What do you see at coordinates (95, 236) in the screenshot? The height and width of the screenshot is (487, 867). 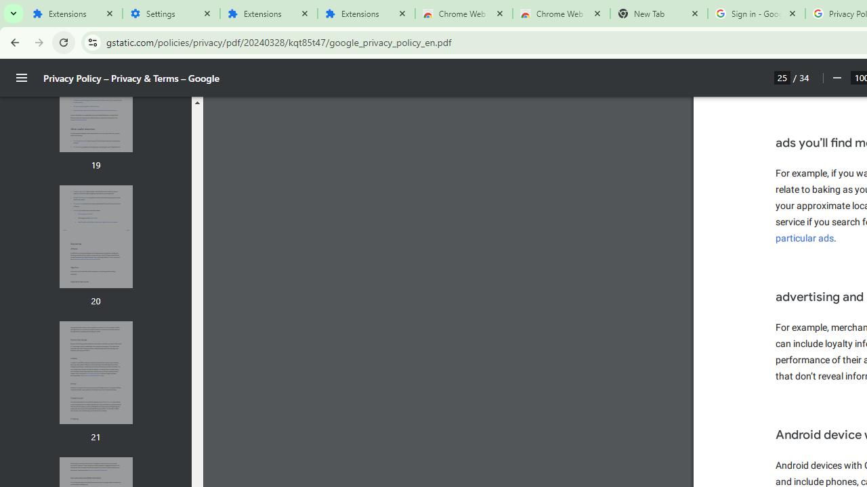 I see `'Thumbnail for page 20'` at bounding box center [95, 236].